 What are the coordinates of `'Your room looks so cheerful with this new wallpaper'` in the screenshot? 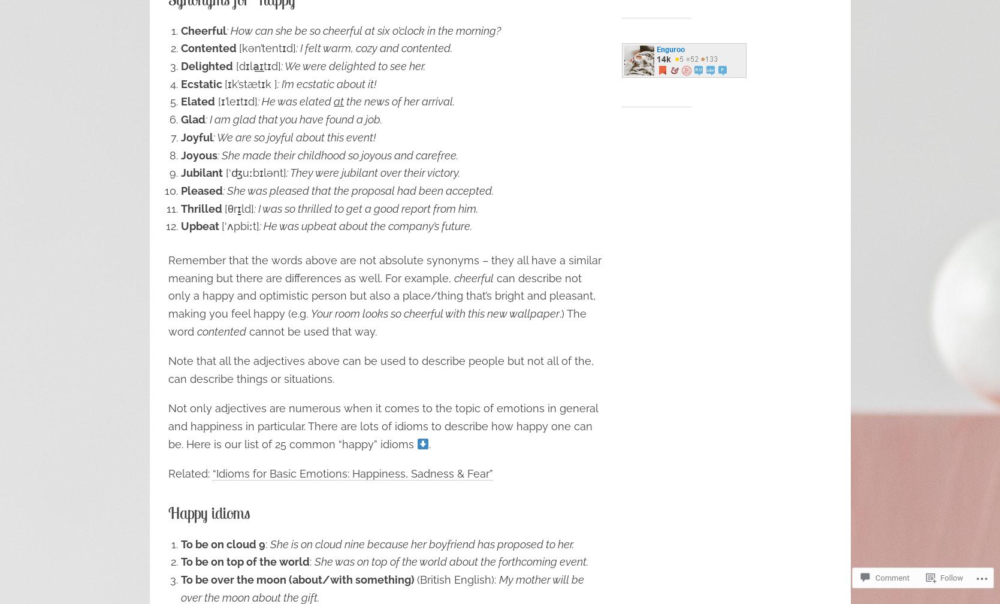 It's located at (434, 313).